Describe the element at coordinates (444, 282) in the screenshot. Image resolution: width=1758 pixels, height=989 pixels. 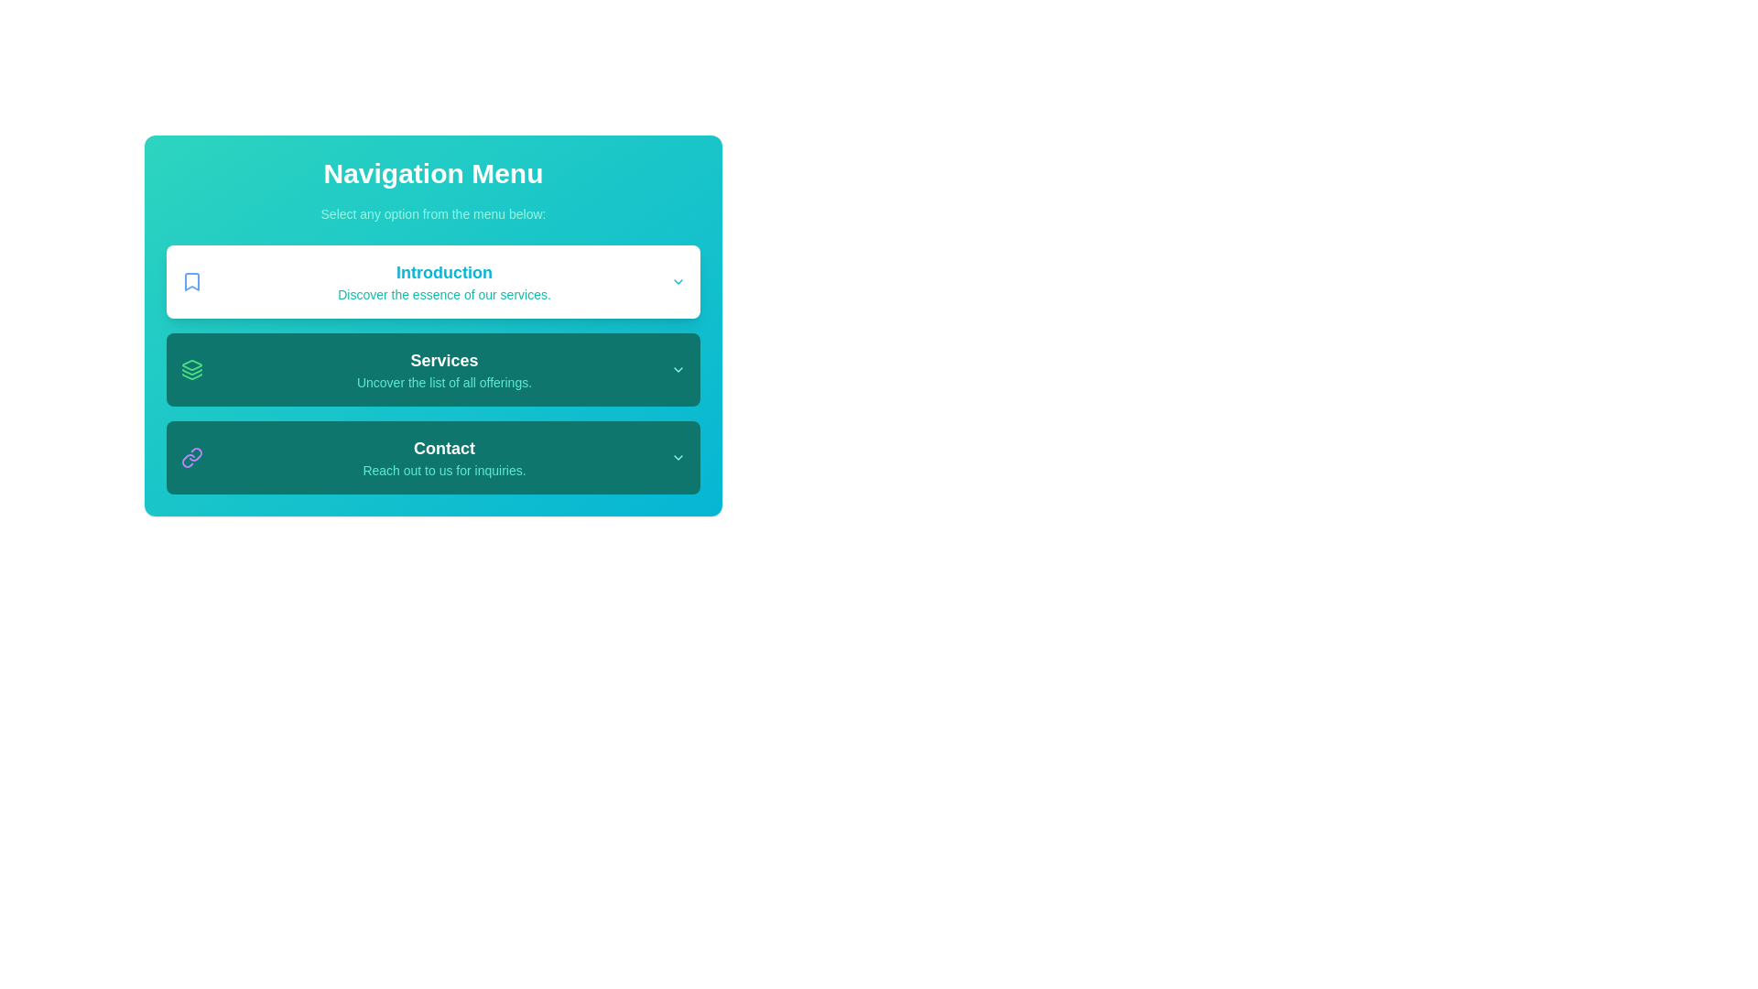
I see `the 'Introduction' hyperlink within the navigation menu` at that location.